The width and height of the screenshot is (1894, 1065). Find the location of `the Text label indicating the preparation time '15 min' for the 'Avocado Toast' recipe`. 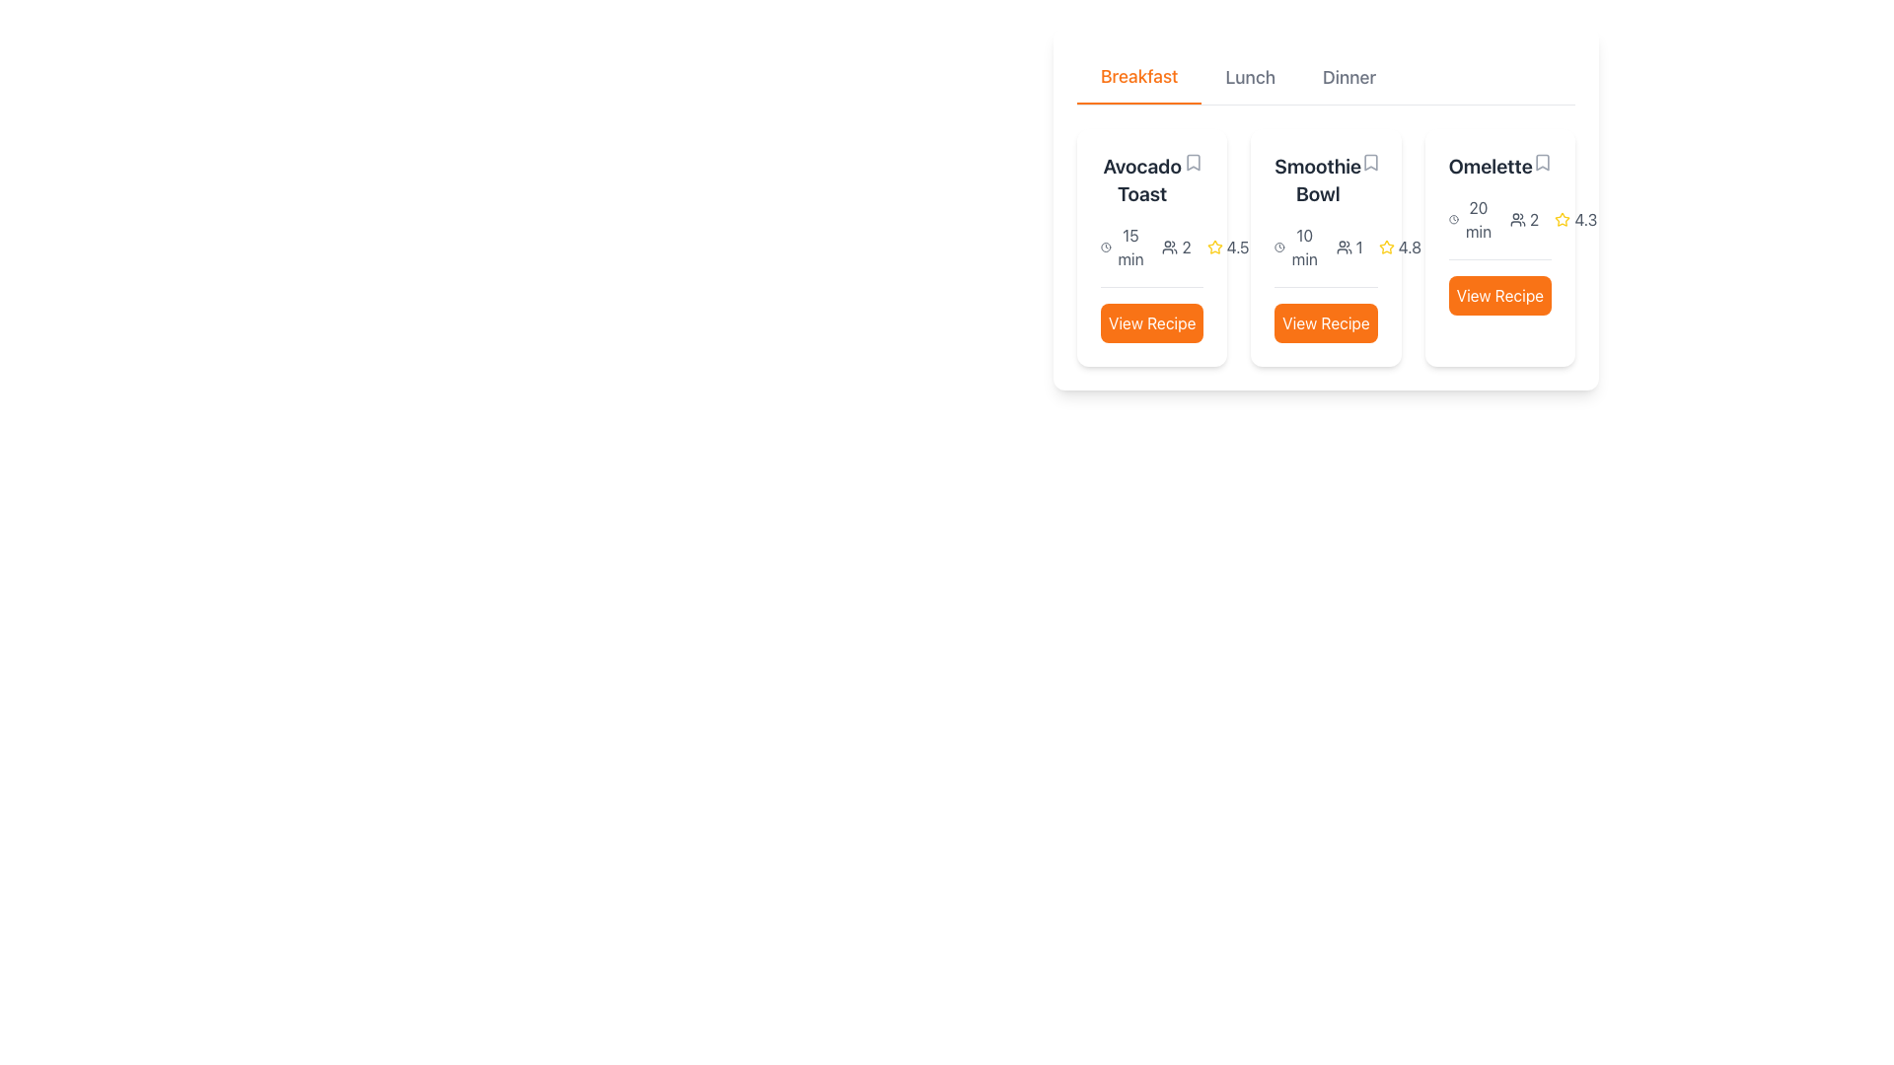

the Text label indicating the preparation time '15 min' for the 'Avocado Toast' recipe is located at coordinates (1130, 246).